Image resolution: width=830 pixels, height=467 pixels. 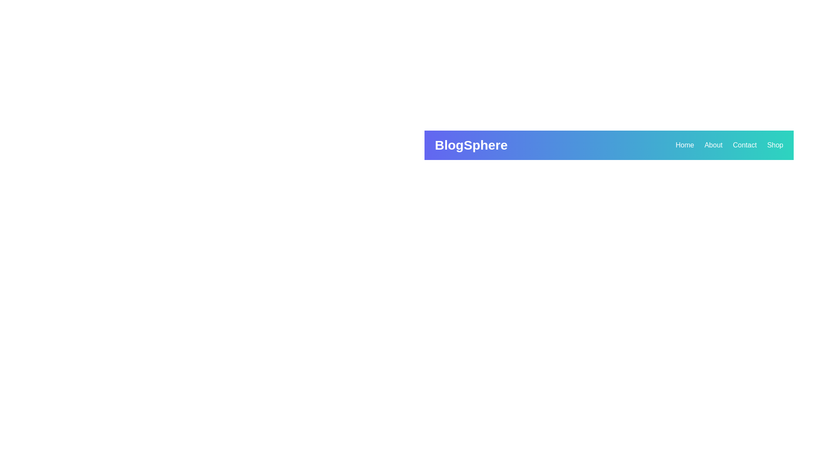 What do you see at coordinates (684, 144) in the screenshot?
I see `the 'Home' link in the navigation bar` at bounding box center [684, 144].